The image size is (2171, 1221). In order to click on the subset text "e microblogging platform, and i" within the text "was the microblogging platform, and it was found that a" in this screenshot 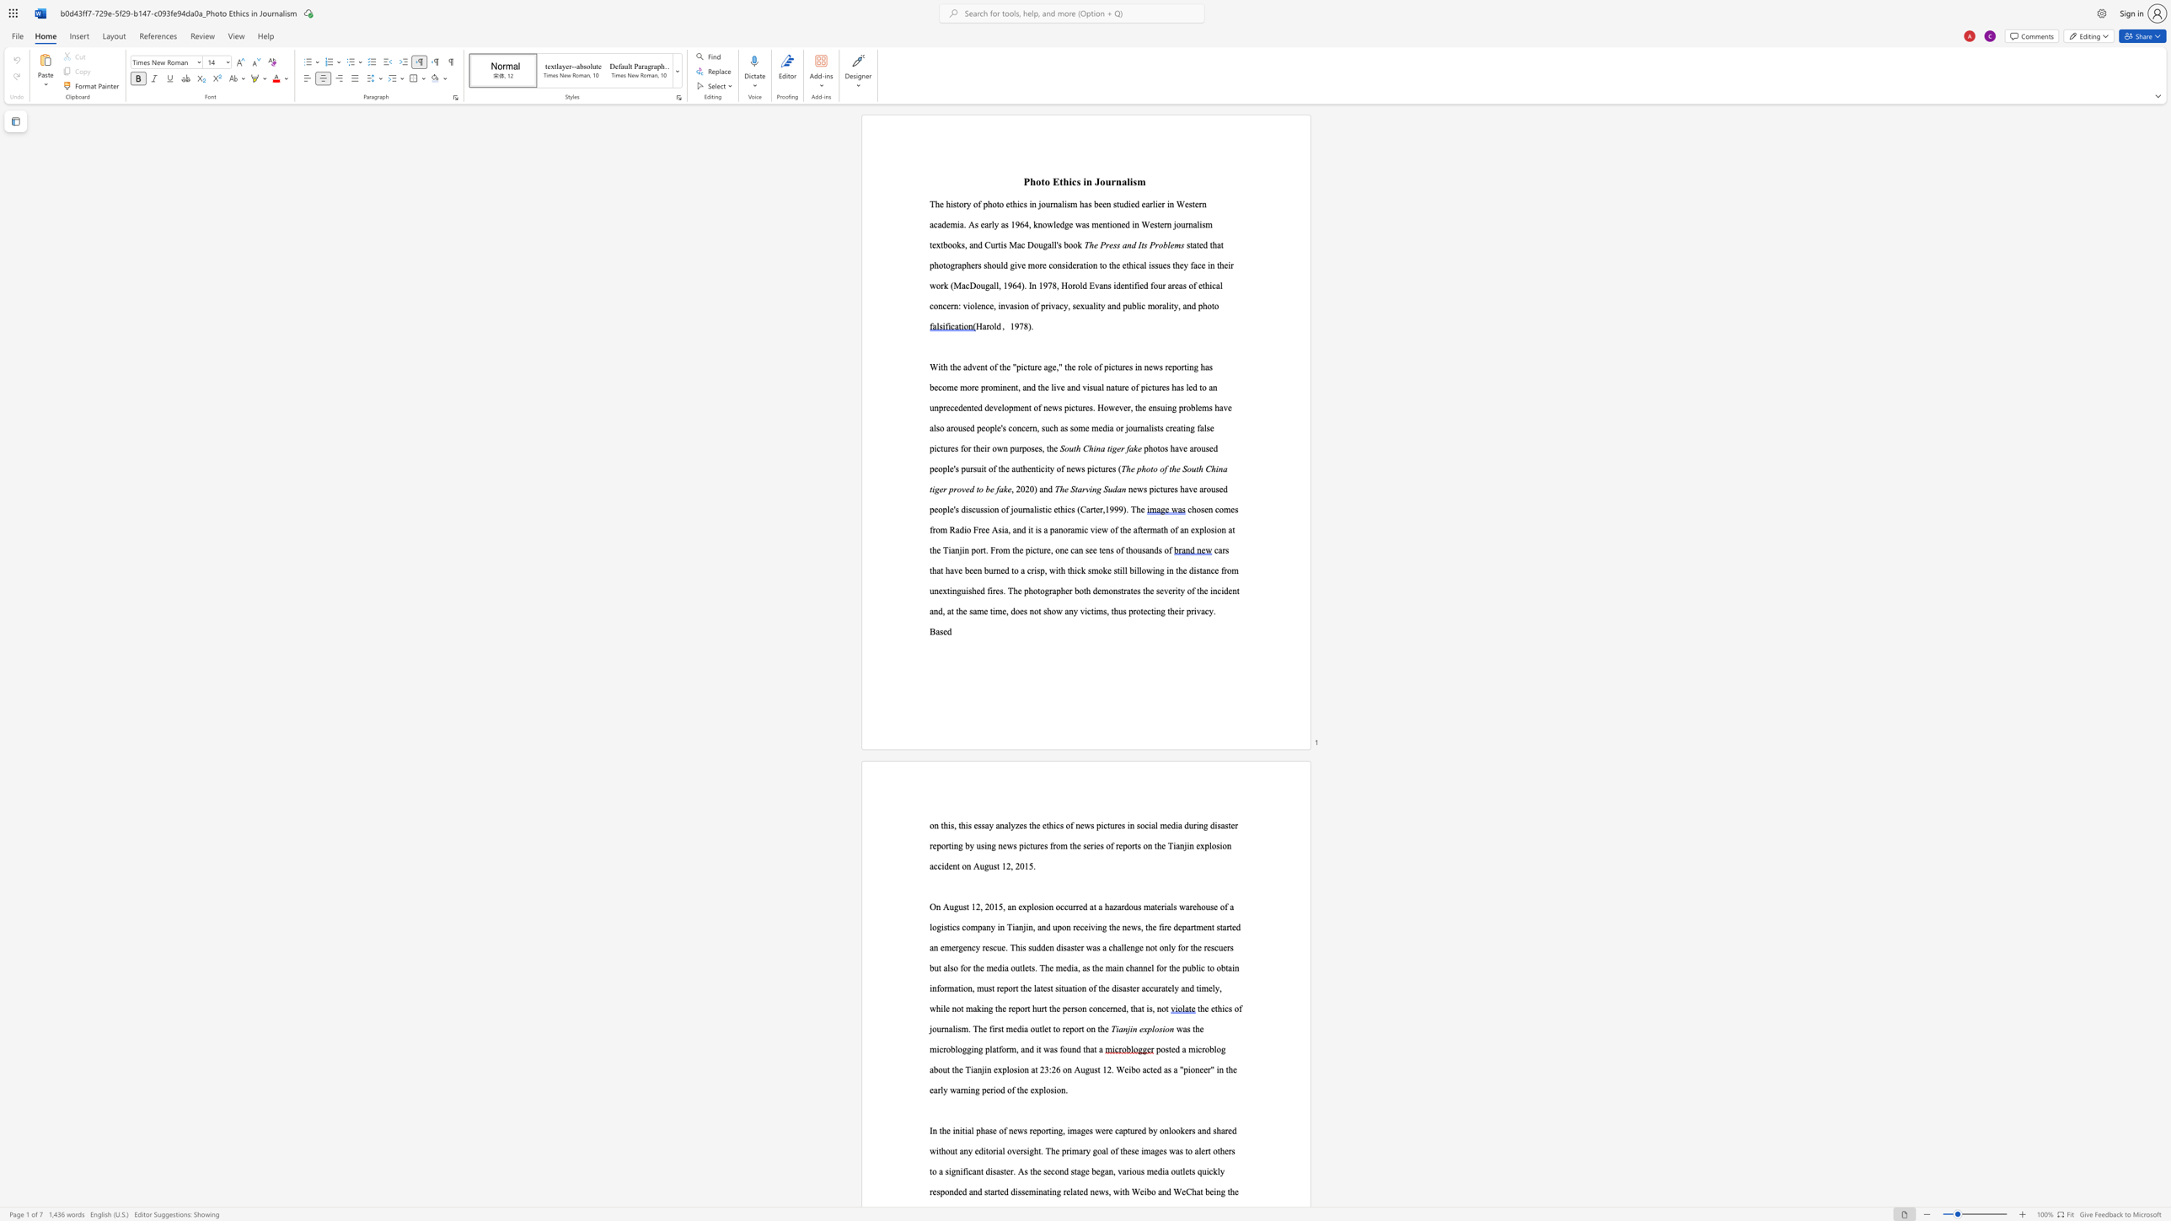, I will do `click(1199, 1028)`.